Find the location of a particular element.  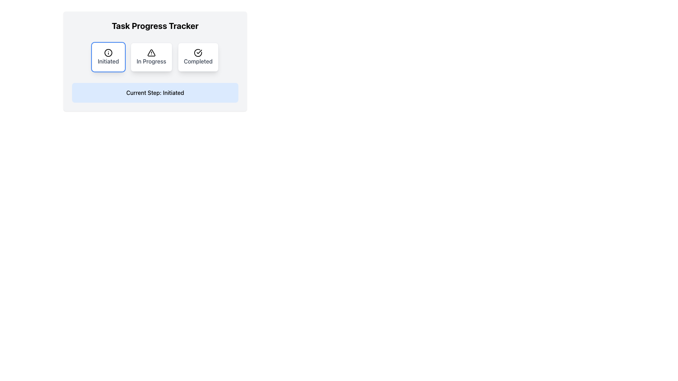

the text label reading 'In Progress', which is styled with a medium-gray font and positioned below the triangle alert icon in the Task Progress Tracker interface is located at coordinates (151, 61).